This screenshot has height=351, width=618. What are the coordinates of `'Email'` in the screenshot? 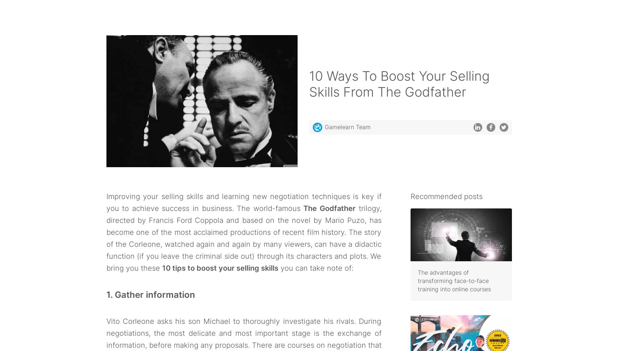 It's located at (257, 325).